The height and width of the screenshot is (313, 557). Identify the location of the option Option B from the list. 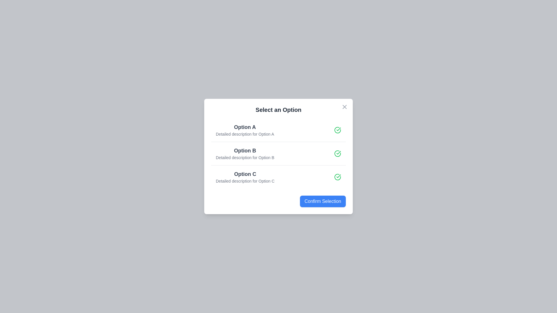
(278, 153).